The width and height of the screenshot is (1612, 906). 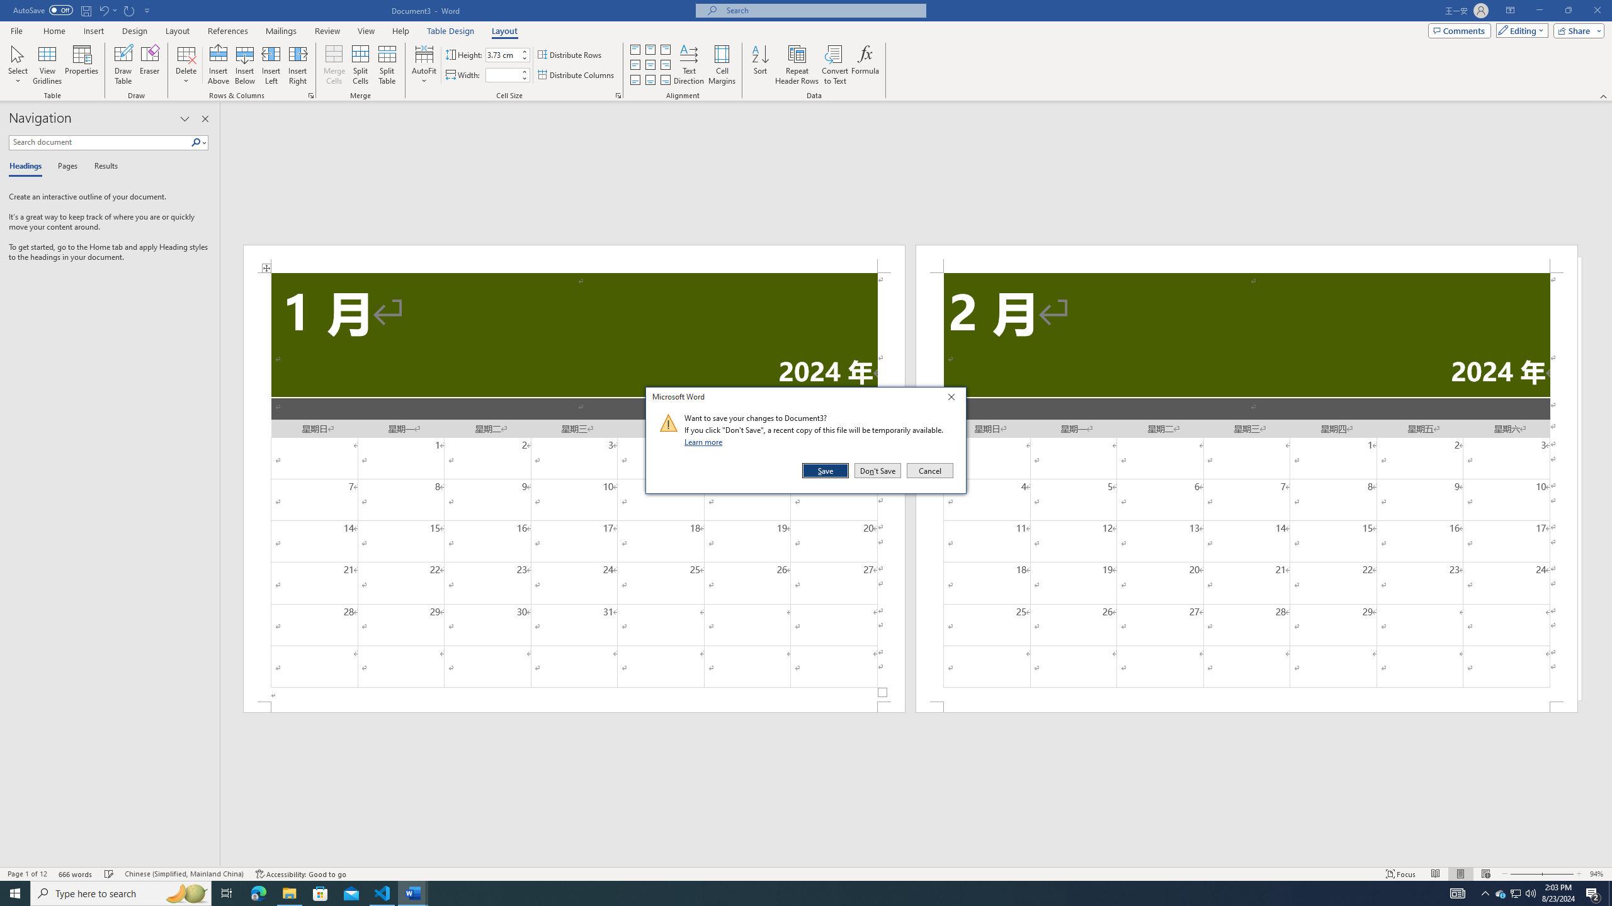 I want to click on 'Undo Increase Indent', so click(x=107, y=9).